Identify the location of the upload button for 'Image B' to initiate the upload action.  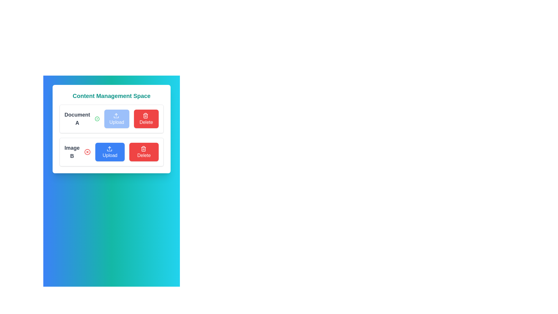
(110, 152).